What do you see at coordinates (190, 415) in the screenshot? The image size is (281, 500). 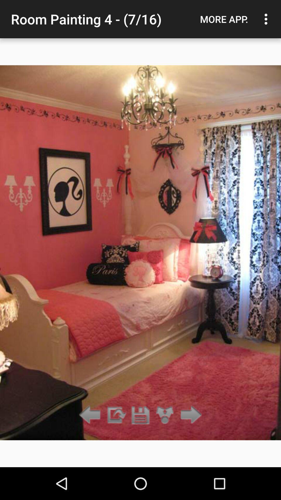 I see `next picture` at bounding box center [190, 415].